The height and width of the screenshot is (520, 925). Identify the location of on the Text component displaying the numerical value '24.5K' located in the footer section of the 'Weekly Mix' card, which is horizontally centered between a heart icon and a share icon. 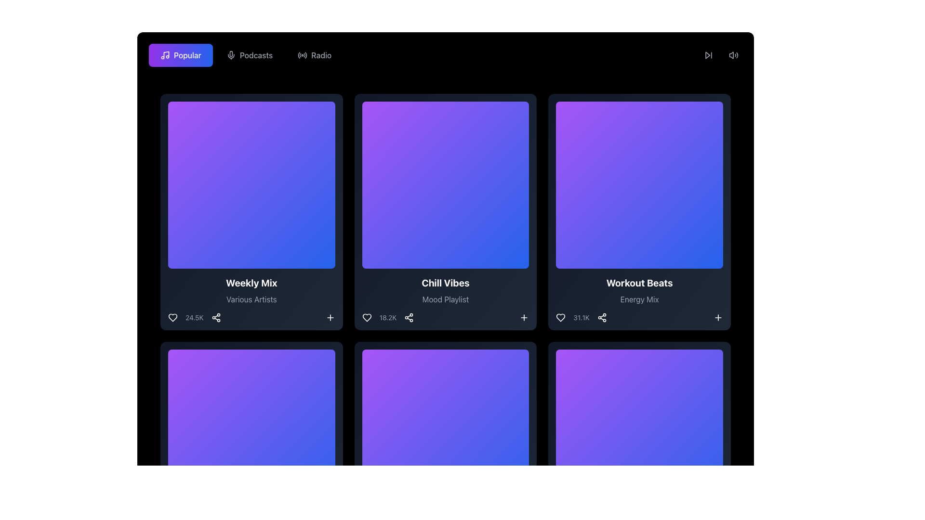
(194, 317).